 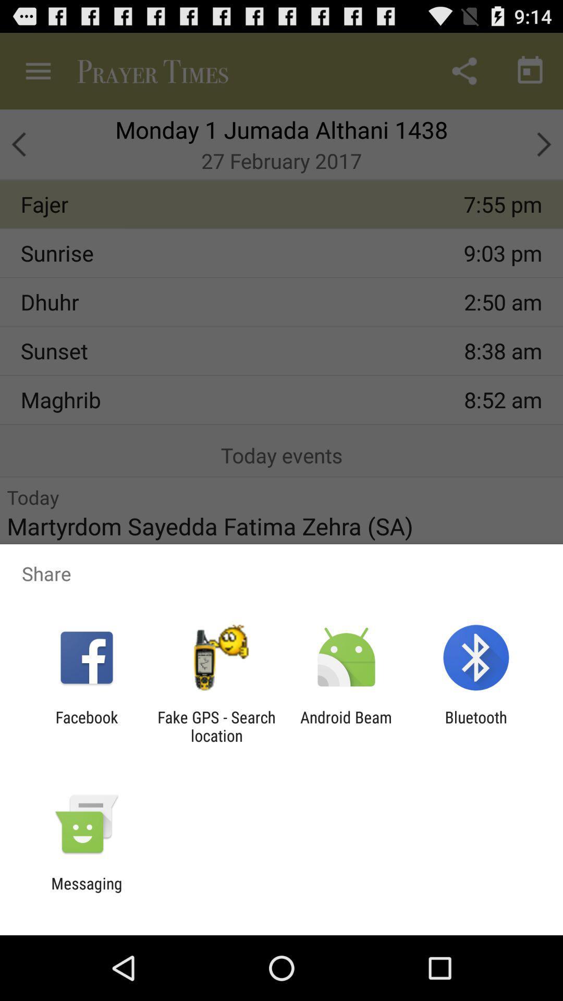 I want to click on the android beam icon, so click(x=346, y=726).